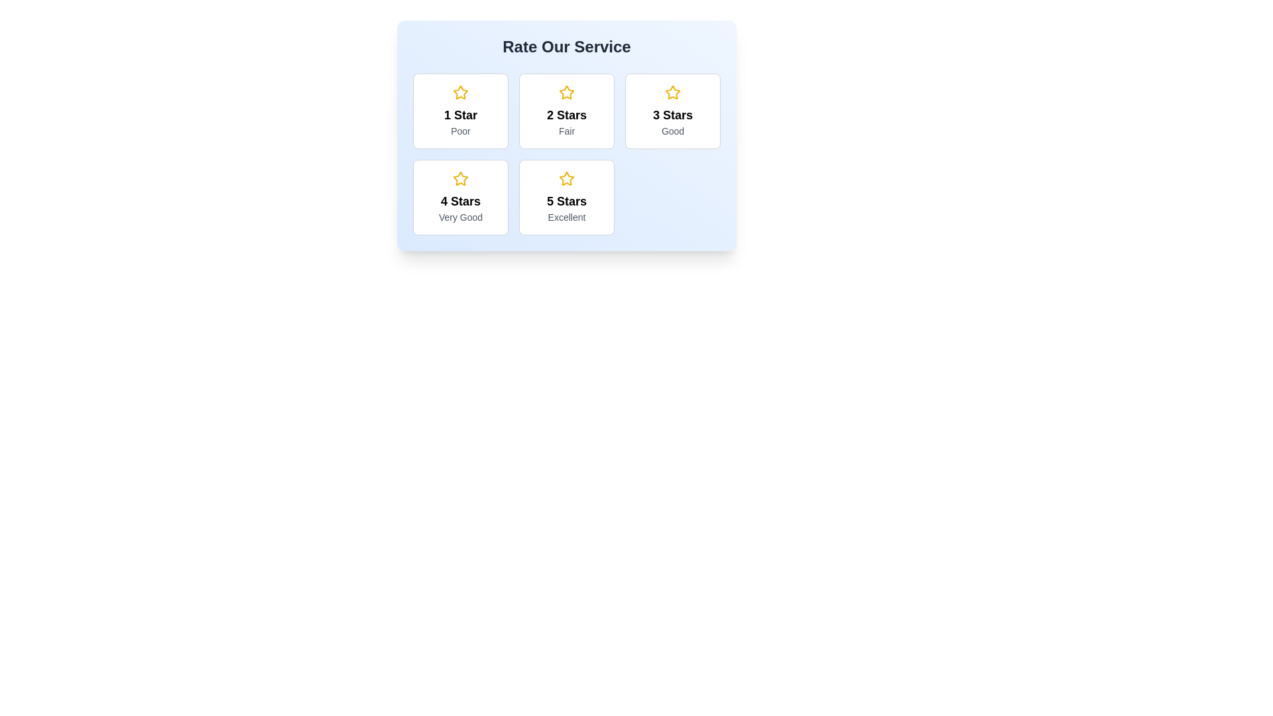 The width and height of the screenshot is (1273, 716). What do you see at coordinates (461, 91) in the screenshot?
I see `the one-star rating icon, which is located in the top-left box of the rating options grid` at bounding box center [461, 91].